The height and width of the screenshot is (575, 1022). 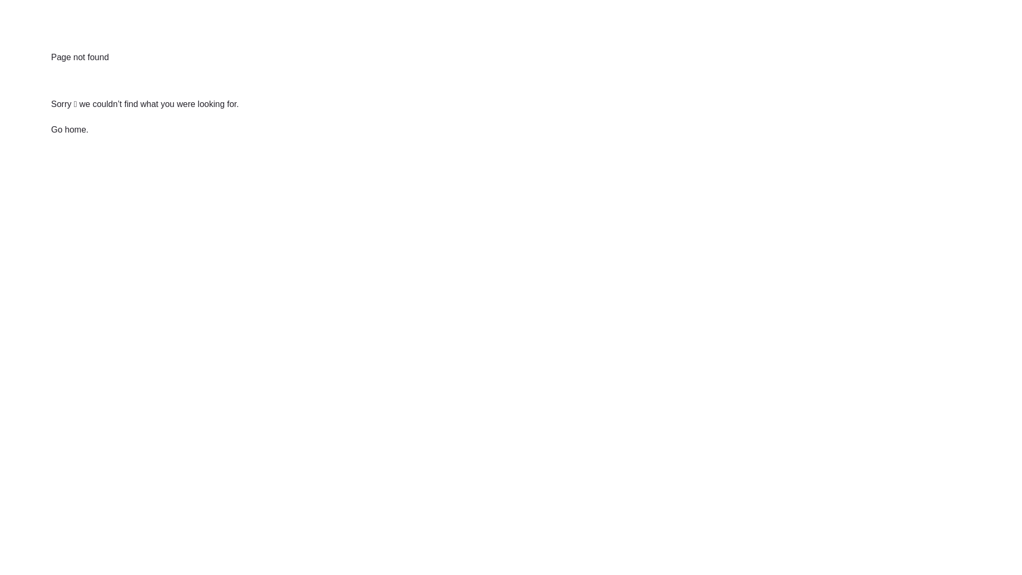 I want to click on 'Go home', so click(x=68, y=129).